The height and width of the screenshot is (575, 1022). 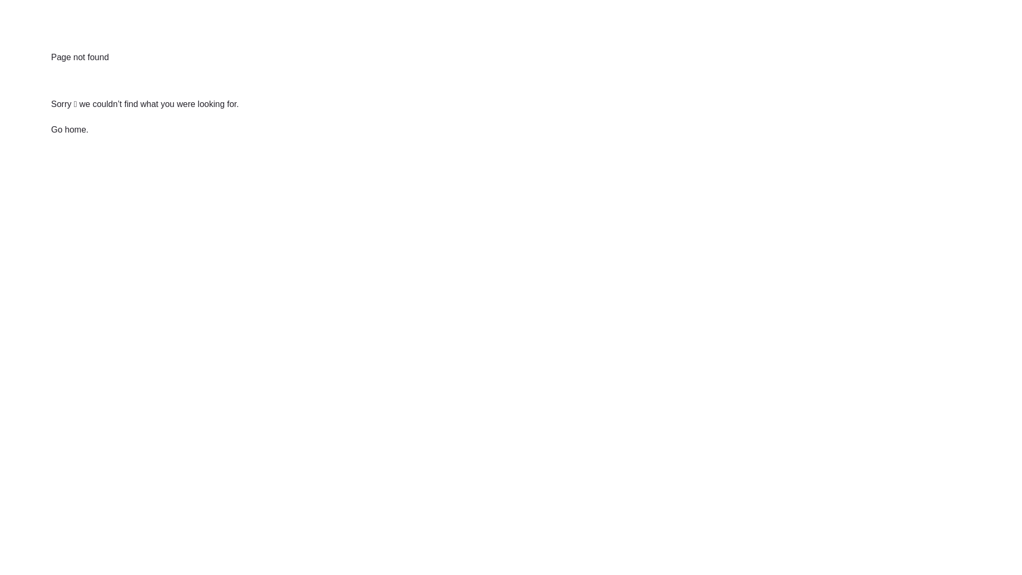 I want to click on 'Go home', so click(x=68, y=129).